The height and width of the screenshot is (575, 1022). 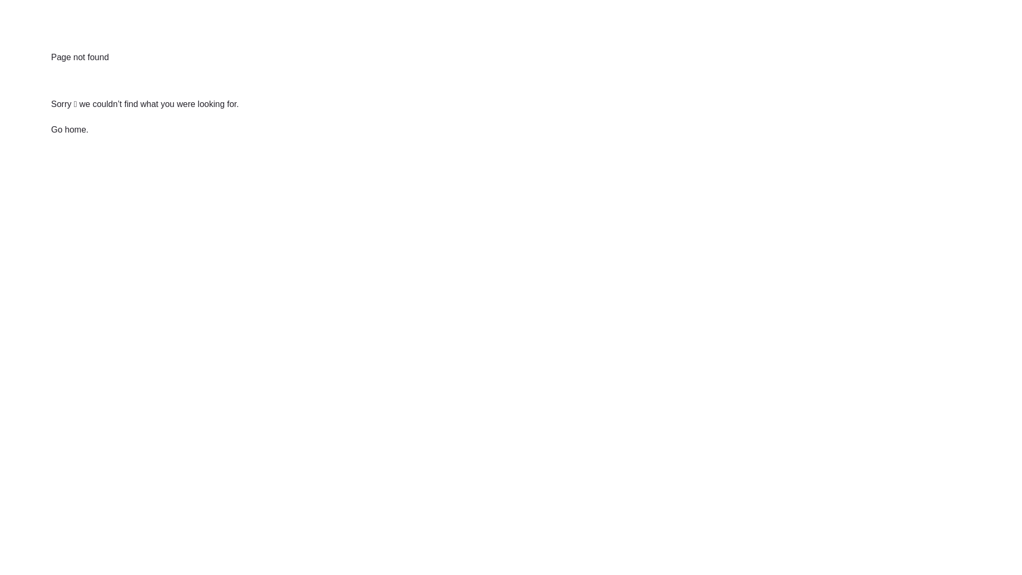 I want to click on 'Go home', so click(x=68, y=129).